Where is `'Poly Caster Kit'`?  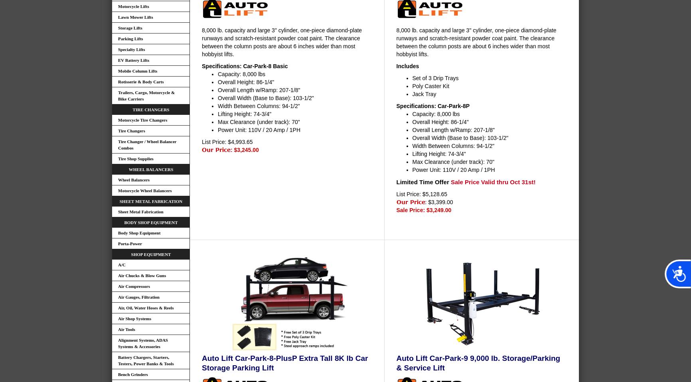
'Poly Caster Kit' is located at coordinates (430, 85).